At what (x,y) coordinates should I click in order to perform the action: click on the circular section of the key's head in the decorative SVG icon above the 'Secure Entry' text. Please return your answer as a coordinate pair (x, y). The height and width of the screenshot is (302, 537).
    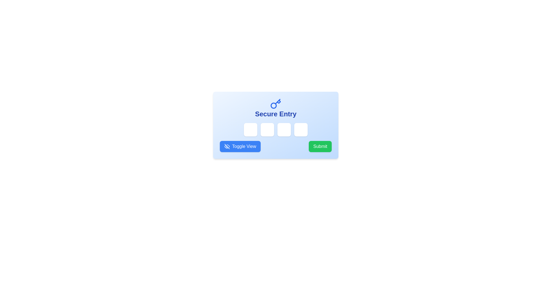
    Looking at the image, I should click on (279, 102).